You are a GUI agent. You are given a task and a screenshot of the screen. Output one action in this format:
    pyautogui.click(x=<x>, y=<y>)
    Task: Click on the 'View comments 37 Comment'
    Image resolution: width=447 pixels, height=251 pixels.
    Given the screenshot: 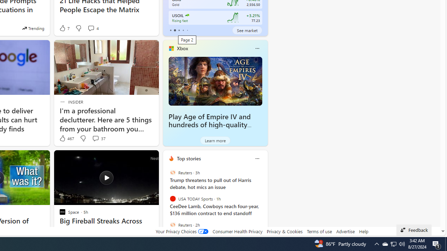 What is the action you would take?
    pyautogui.click(x=98, y=138)
    